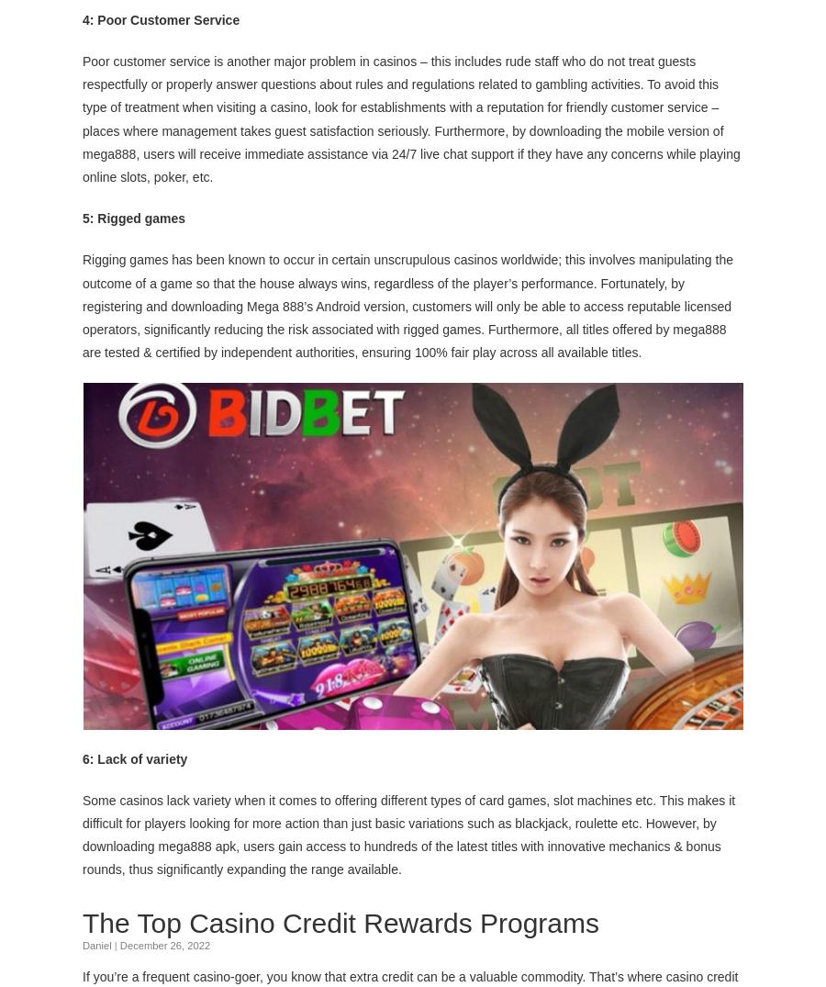  What do you see at coordinates (164, 944) in the screenshot?
I see `'December 26, 2022'` at bounding box center [164, 944].